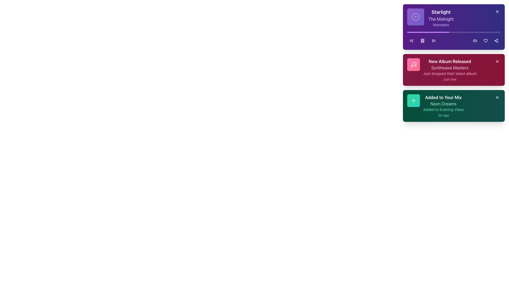 The height and width of the screenshot is (286, 509). What do you see at coordinates (497, 97) in the screenshot?
I see `the button in the top-right corner of the green notification card titled 'Added to Your Mix'` at bounding box center [497, 97].